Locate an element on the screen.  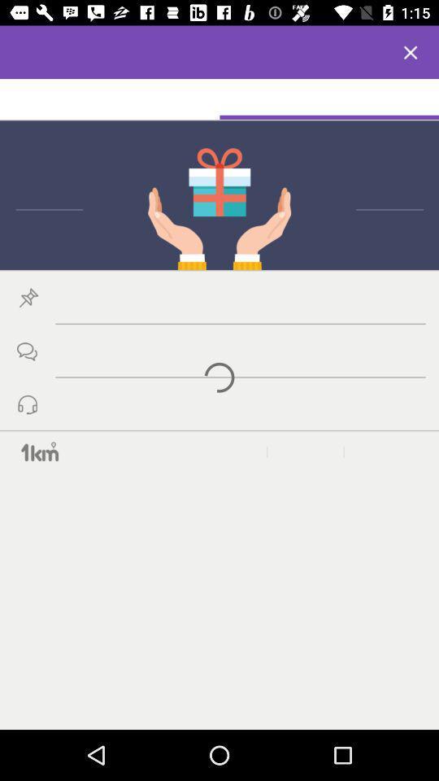
close is located at coordinates (410, 52).